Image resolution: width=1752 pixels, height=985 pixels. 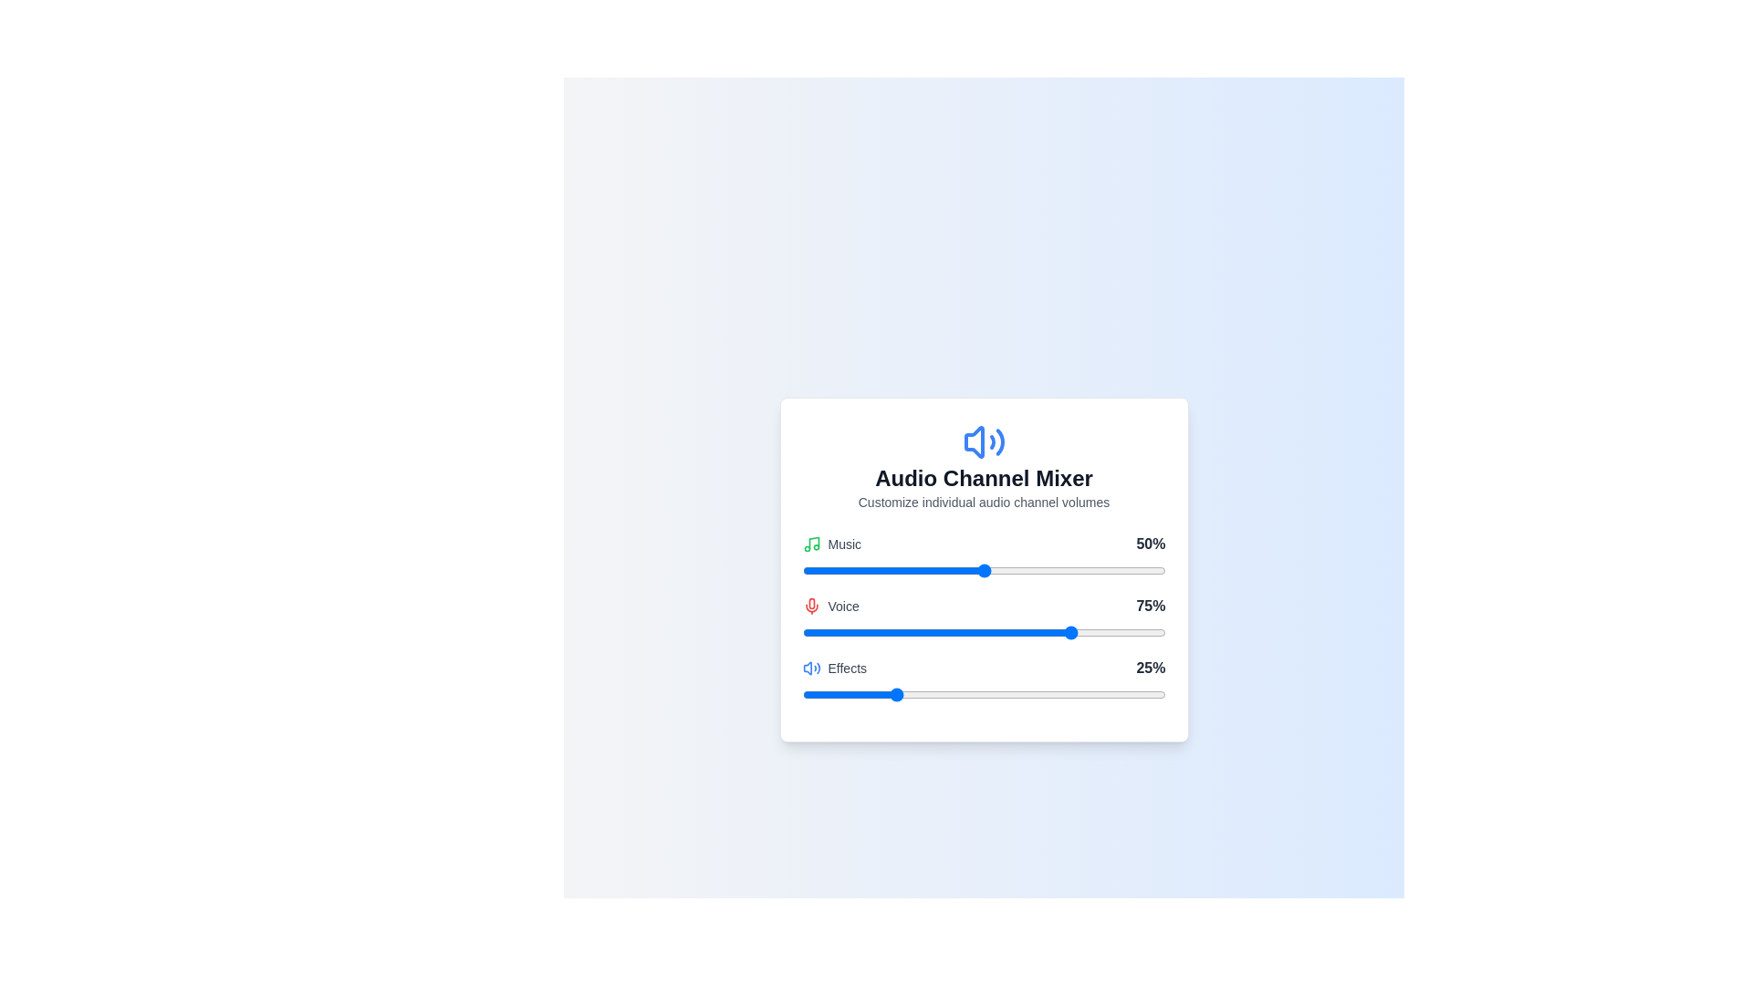 What do you see at coordinates (816, 695) in the screenshot?
I see `the 'Effects' volume slider` at bounding box center [816, 695].